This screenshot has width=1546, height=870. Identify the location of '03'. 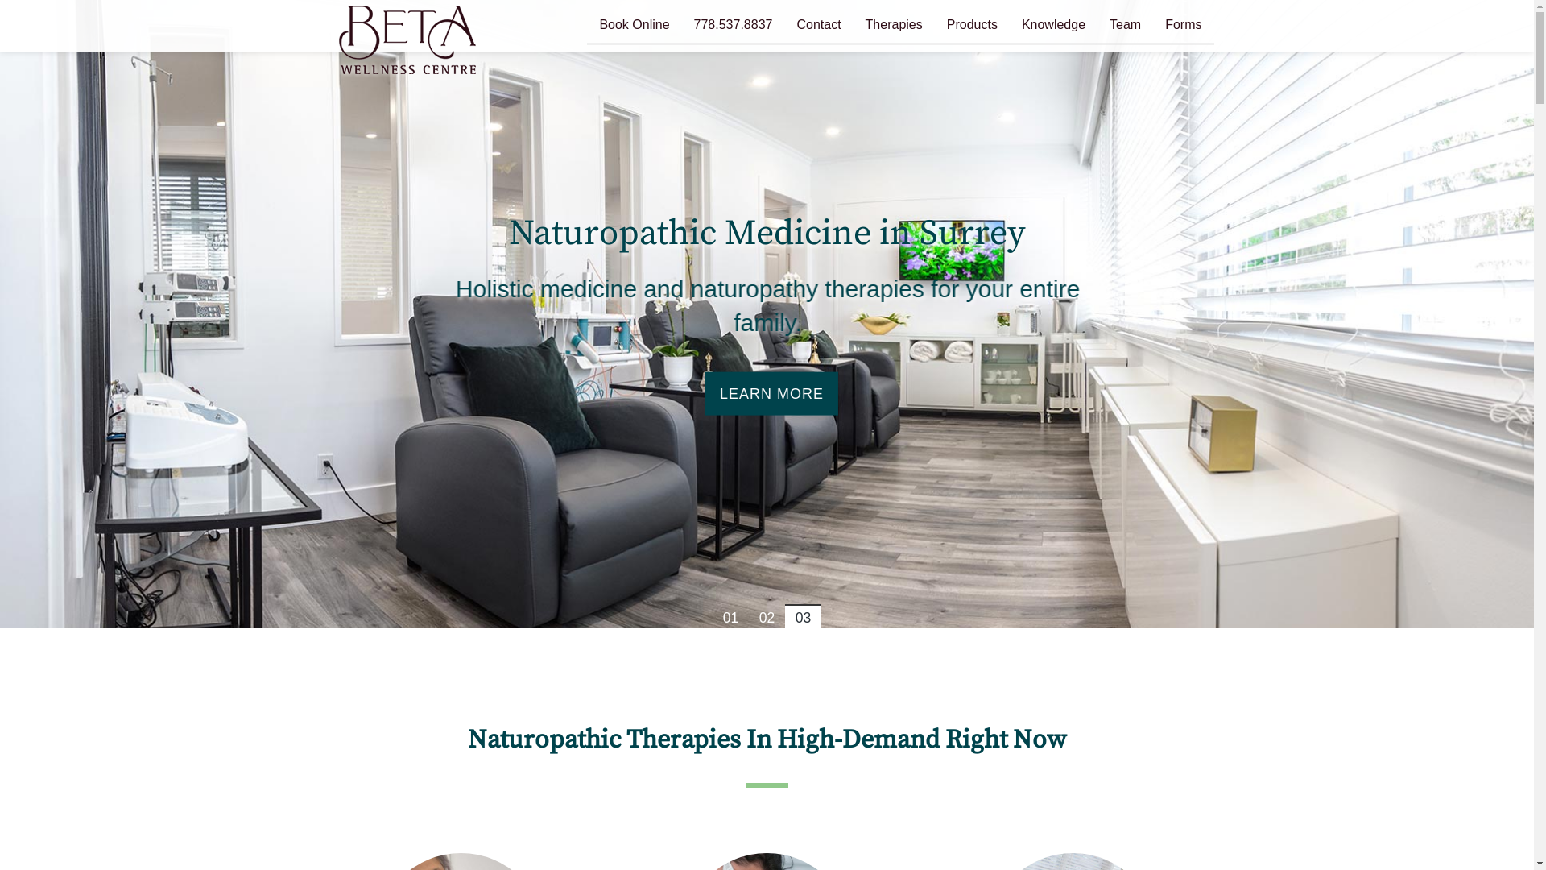
(784, 615).